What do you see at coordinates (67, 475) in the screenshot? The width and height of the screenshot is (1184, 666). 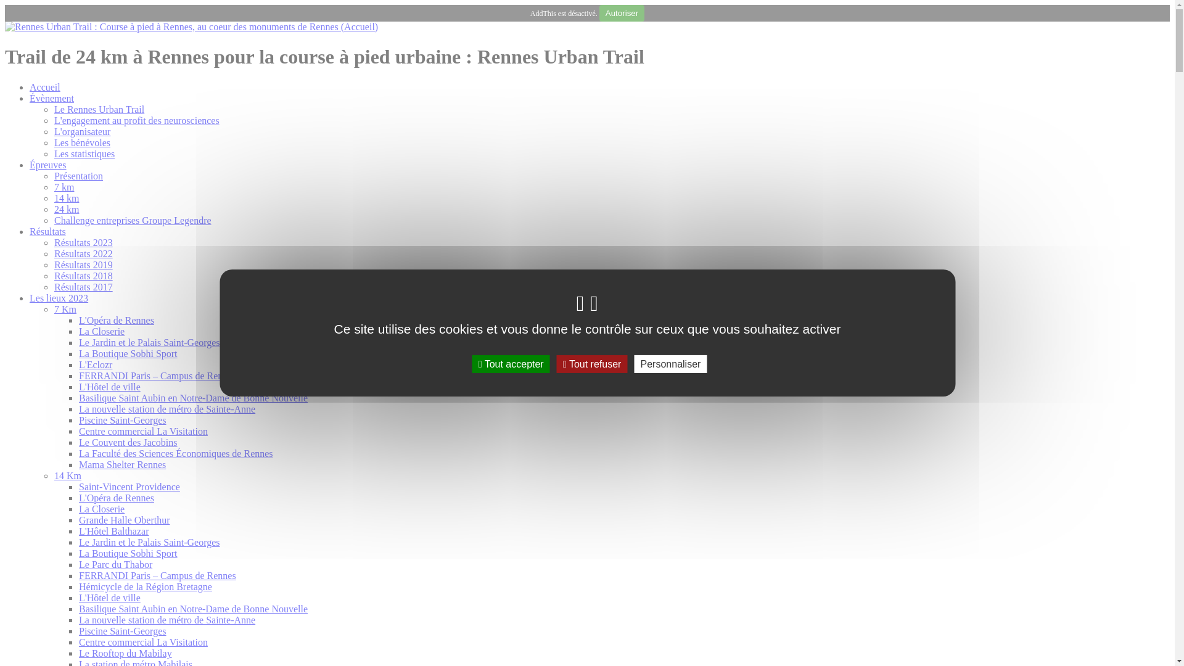 I see `'14 Km'` at bounding box center [67, 475].